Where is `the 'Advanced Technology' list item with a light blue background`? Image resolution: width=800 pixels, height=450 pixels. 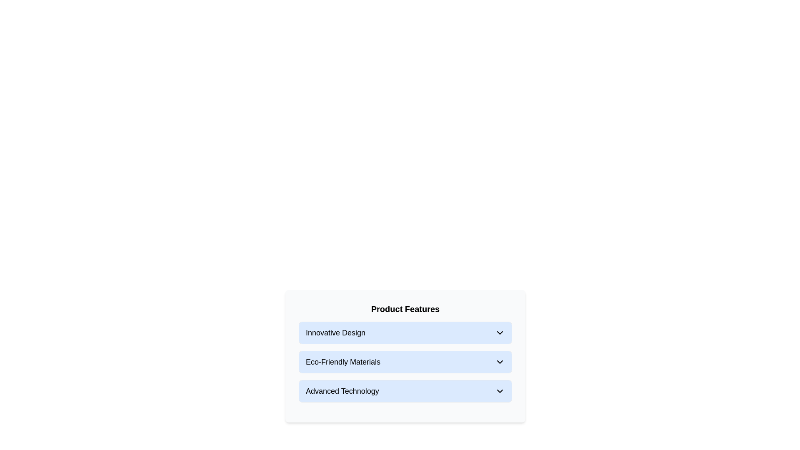 the 'Advanced Technology' list item with a light blue background is located at coordinates (405, 391).